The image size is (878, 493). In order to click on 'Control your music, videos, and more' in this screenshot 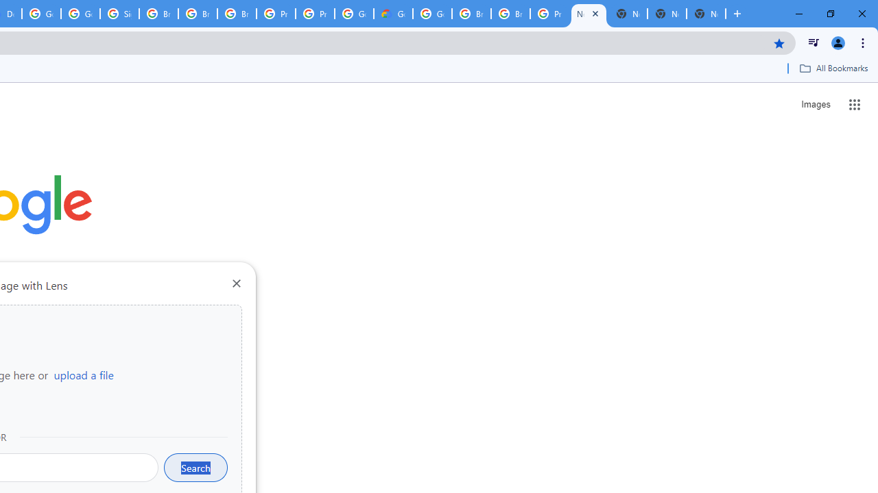, I will do `click(813, 42)`.